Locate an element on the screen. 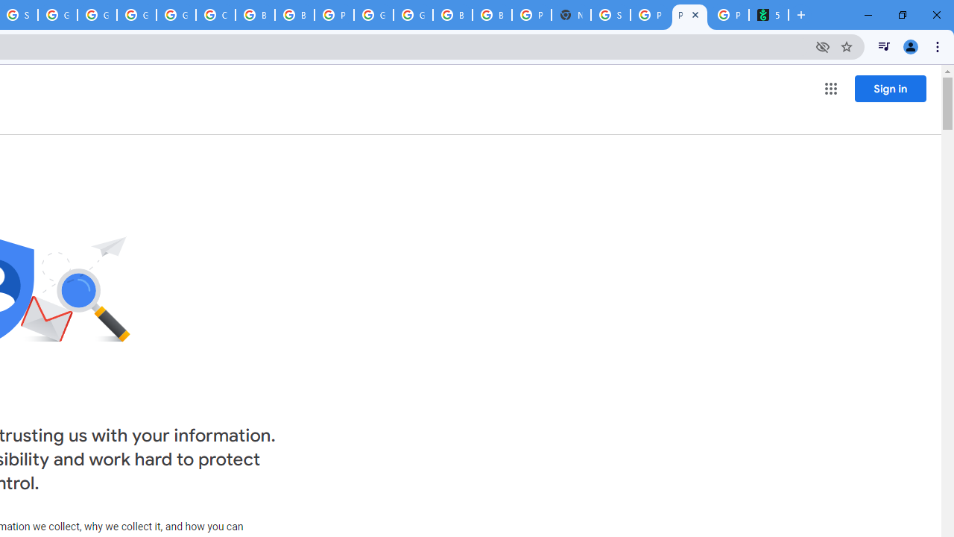 Image resolution: width=954 pixels, height=537 pixels. 'Browse Chrome as a guest - Computer - Google Chrome Help' is located at coordinates (294, 15).